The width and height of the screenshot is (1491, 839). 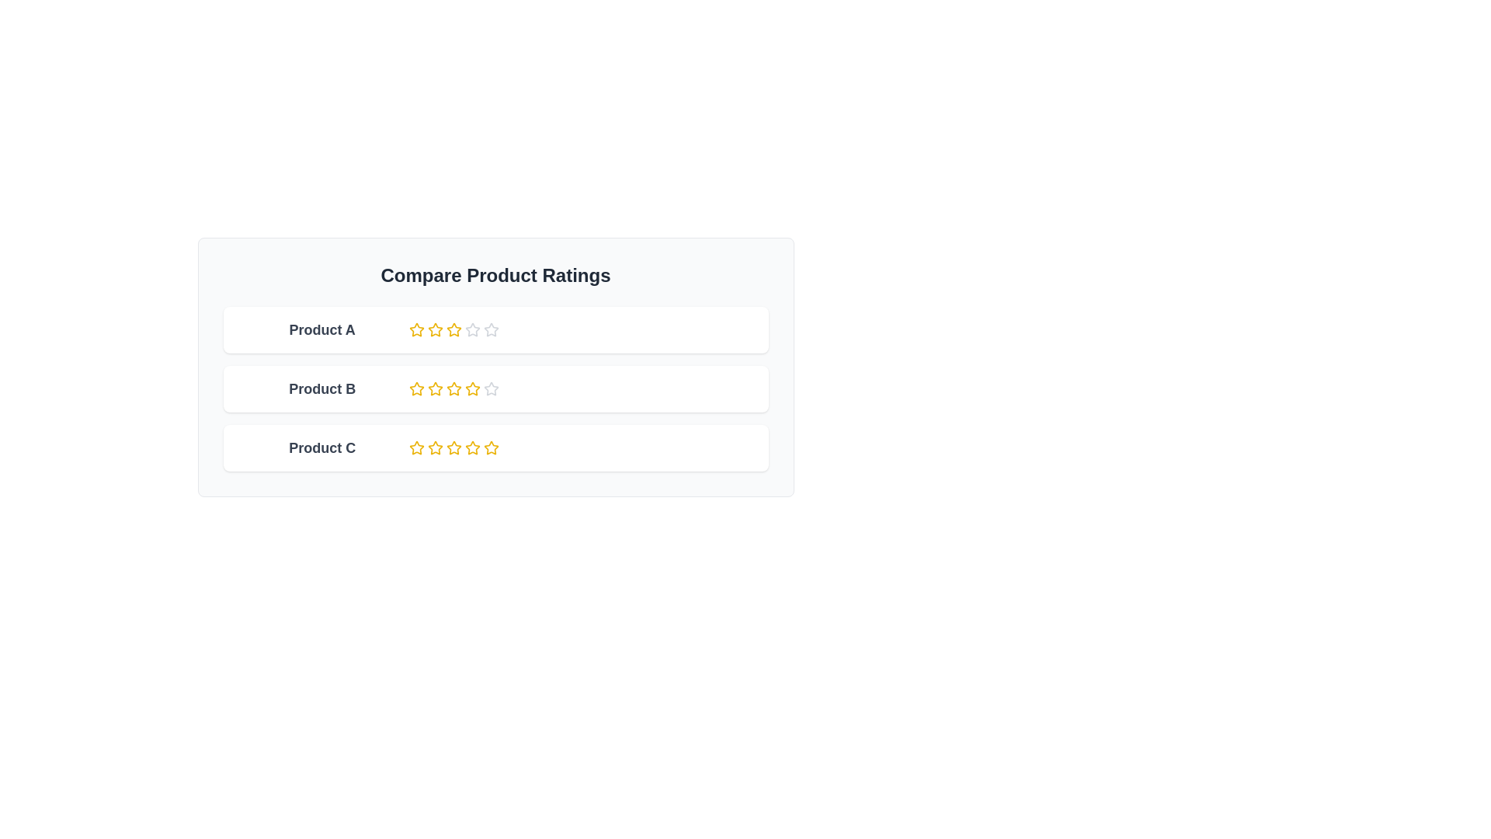 What do you see at coordinates (435, 447) in the screenshot?
I see `the fourth yellow star icon in the rating row of 'Product C' to rate it` at bounding box center [435, 447].